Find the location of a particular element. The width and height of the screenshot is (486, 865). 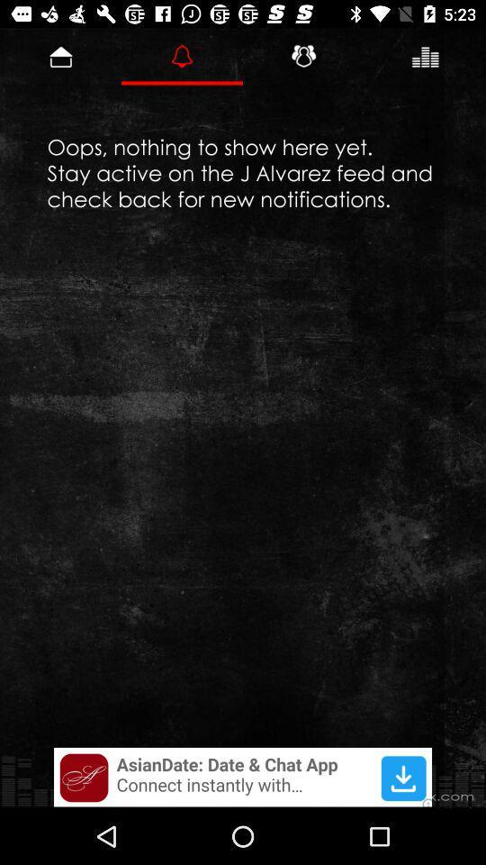

advertisement is located at coordinates (243, 776).